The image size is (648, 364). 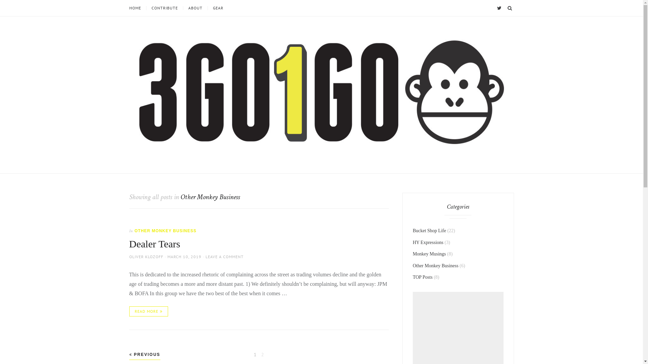 What do you see at coordinates (152, 162) in the screenshot?
I see `'3Go1Go Securities'` at bounding box center [152, 162].